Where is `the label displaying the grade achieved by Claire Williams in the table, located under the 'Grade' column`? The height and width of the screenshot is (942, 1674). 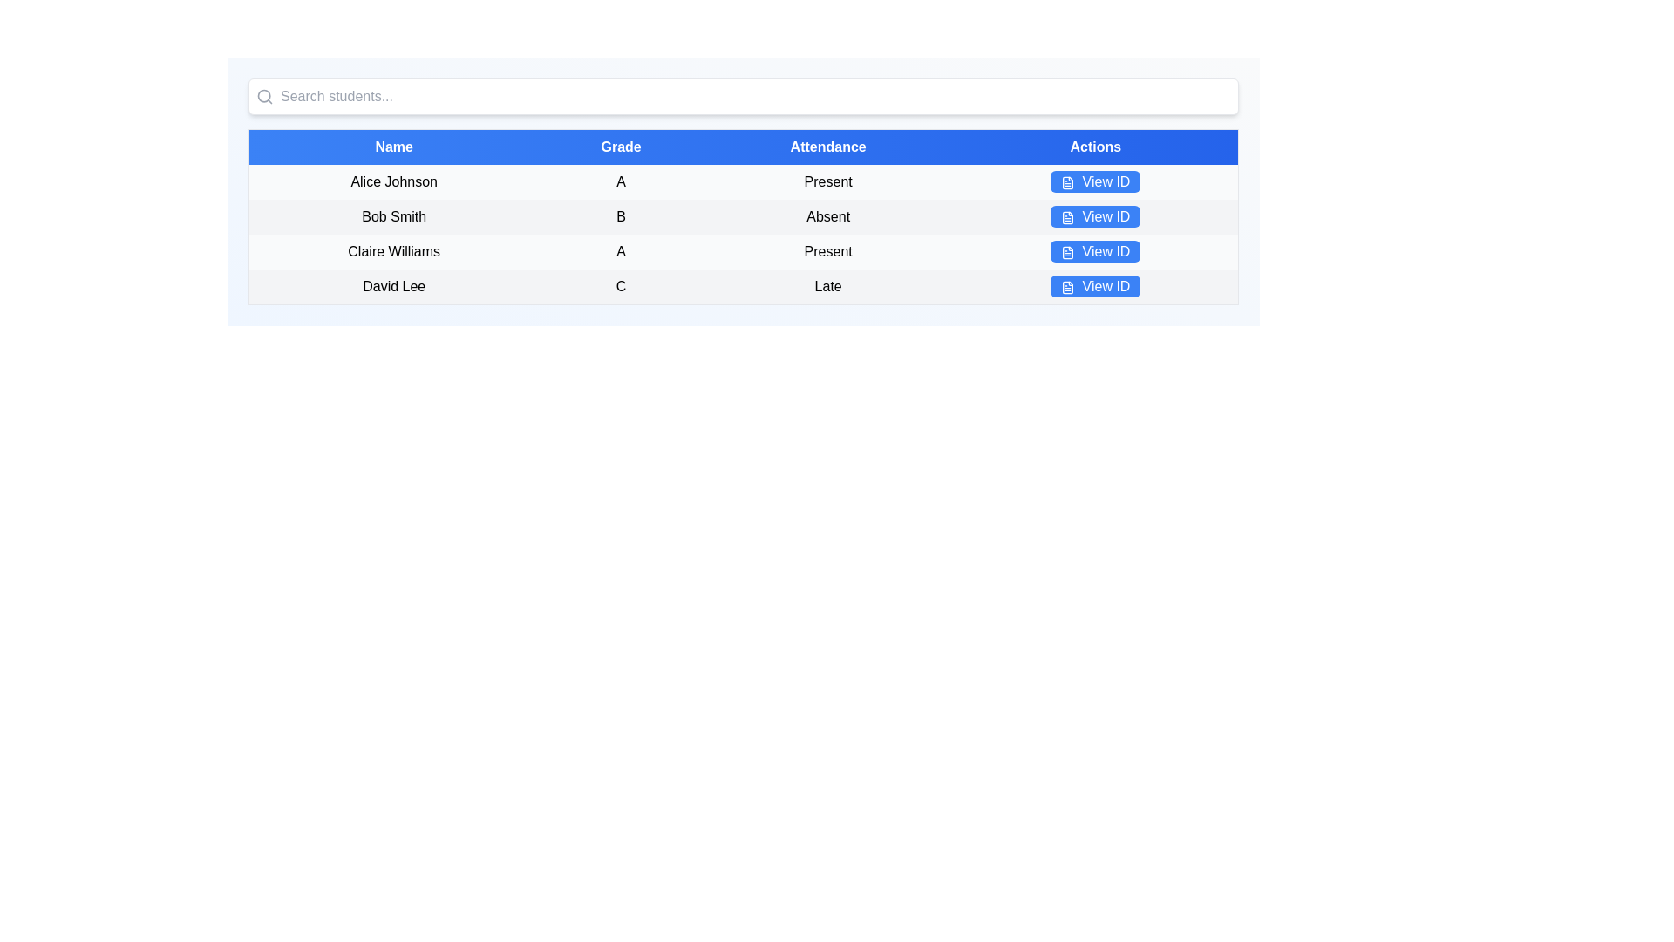
the label displaying the grade achieved by Claire Williams in the table, located under the 'Grade' column is located at coordinates (621, 252).